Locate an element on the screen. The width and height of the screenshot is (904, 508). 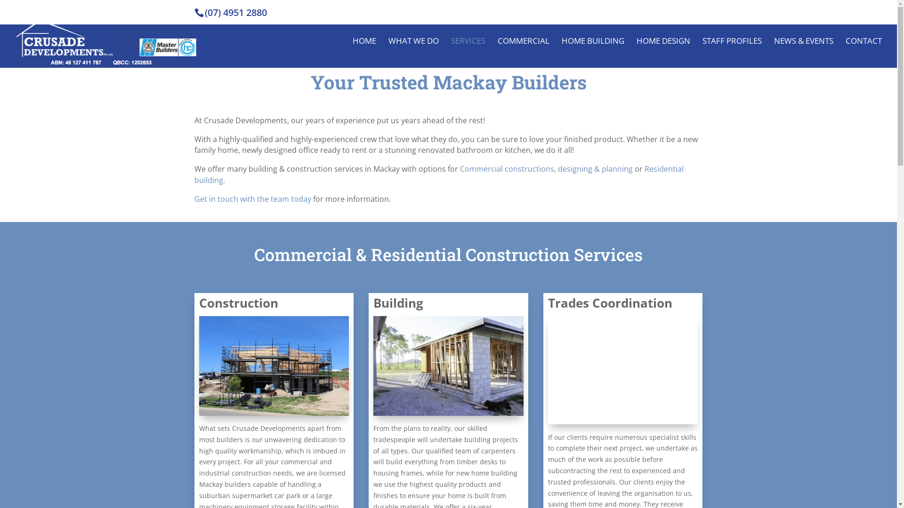
'designing & planning' is located at coordinates (594, 168).